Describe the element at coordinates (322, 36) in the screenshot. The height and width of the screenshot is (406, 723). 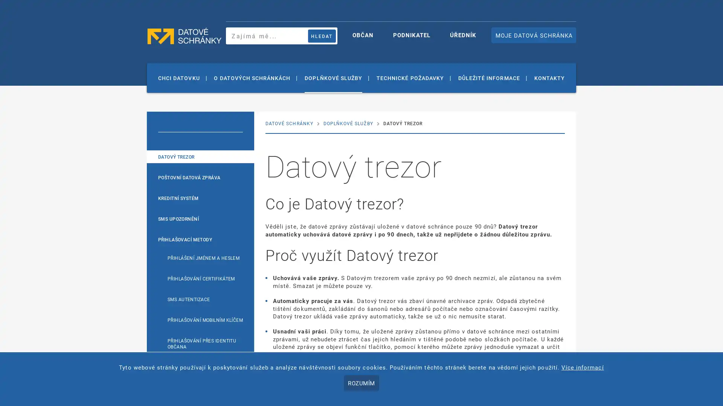
I see `Hledat` at that location.